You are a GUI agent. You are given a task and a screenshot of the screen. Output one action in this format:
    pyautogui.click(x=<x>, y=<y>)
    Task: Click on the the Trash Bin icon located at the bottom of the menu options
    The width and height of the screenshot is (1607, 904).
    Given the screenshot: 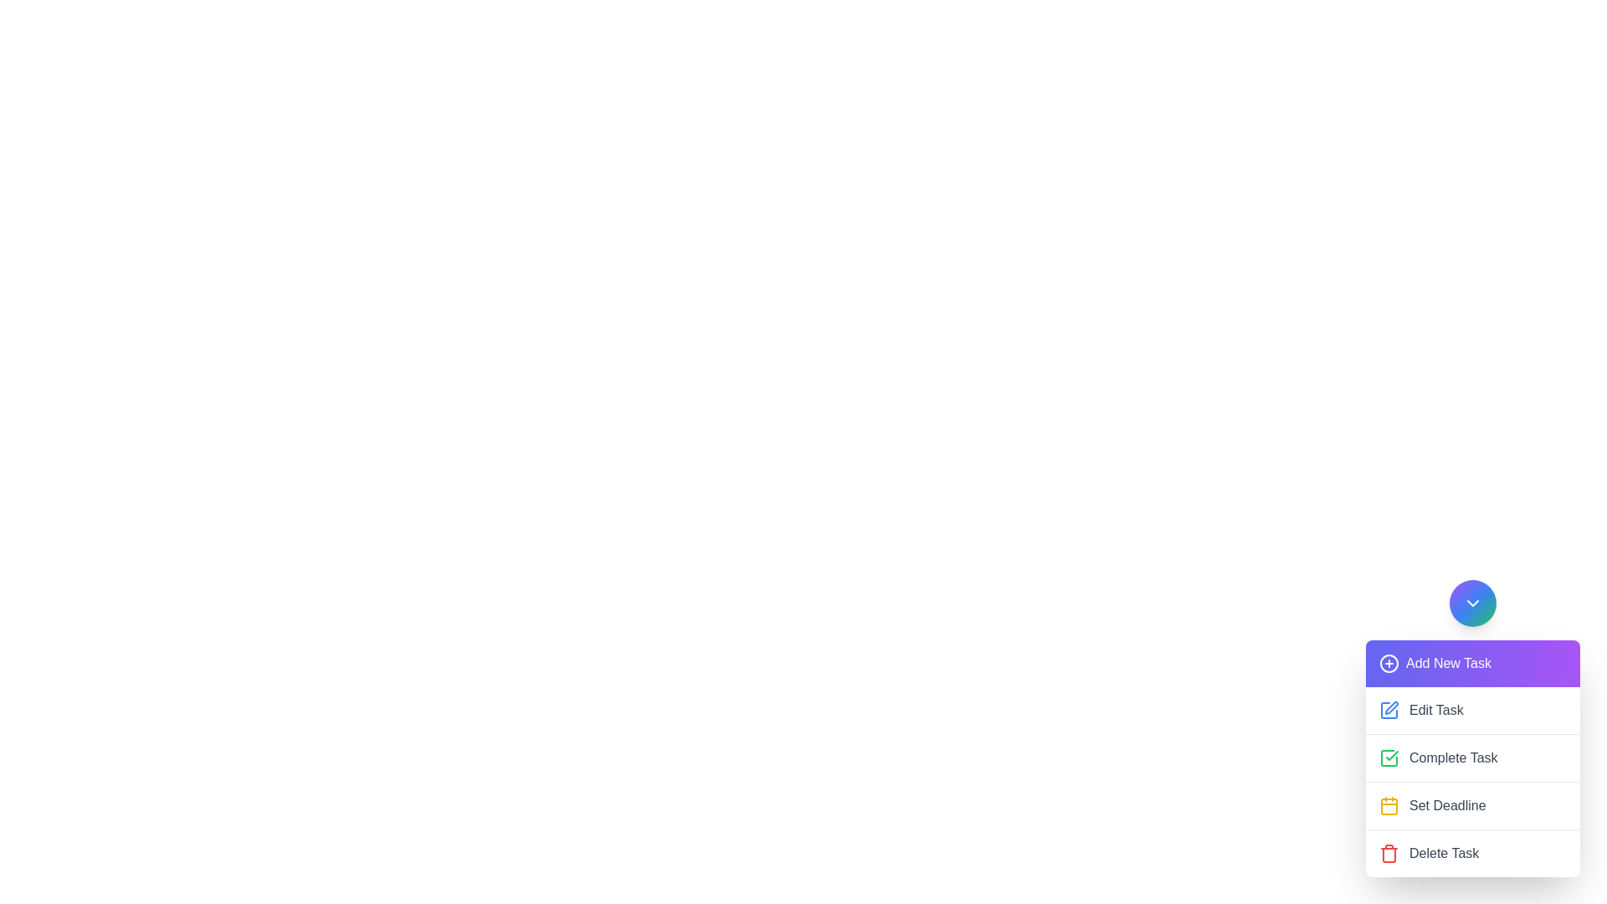 What is the action you would take?
    pyautogui.click(x=1389, y=853)
    